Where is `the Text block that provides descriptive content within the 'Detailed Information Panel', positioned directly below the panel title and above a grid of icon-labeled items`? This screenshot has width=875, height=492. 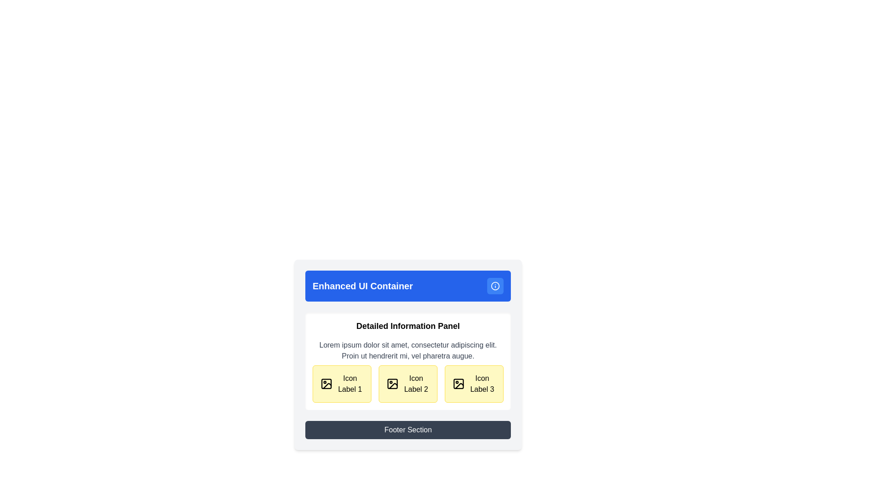 the Text block that provides descriptive content within the 'Detailed Information Panel', positioned directly below the panel title and above a grid of icon-labeled items is located at coordinates (407, 350).